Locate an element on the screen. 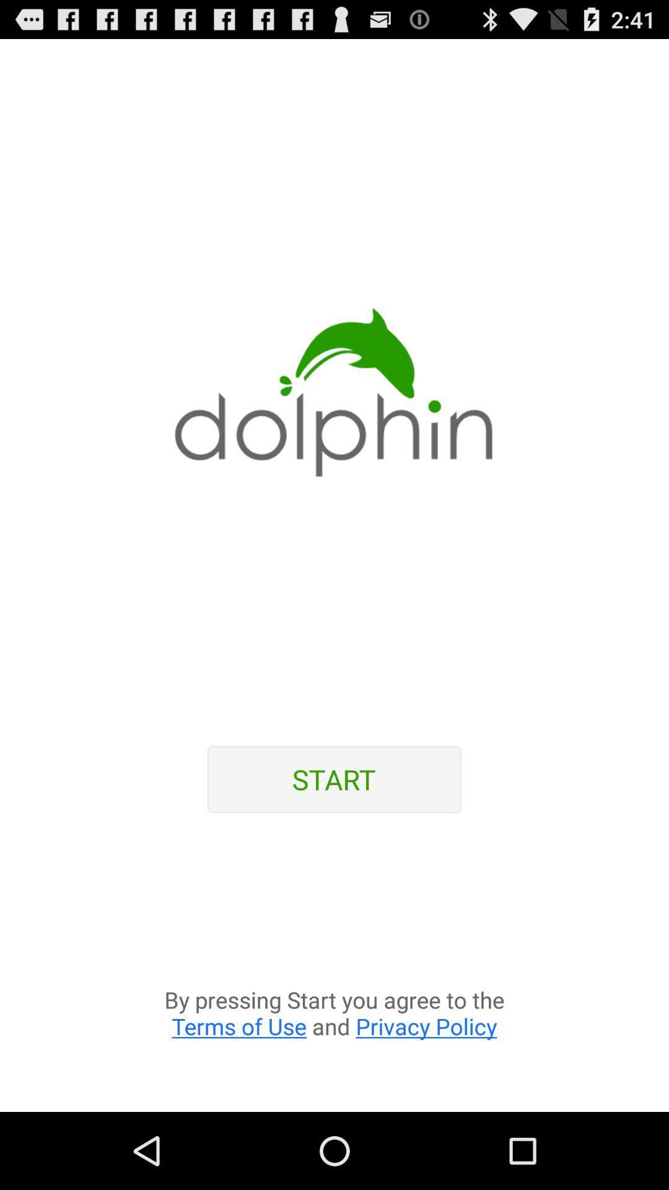 This screenshot has width=669, height=1190. icon below the start icon is located at coordinates (334, 969).